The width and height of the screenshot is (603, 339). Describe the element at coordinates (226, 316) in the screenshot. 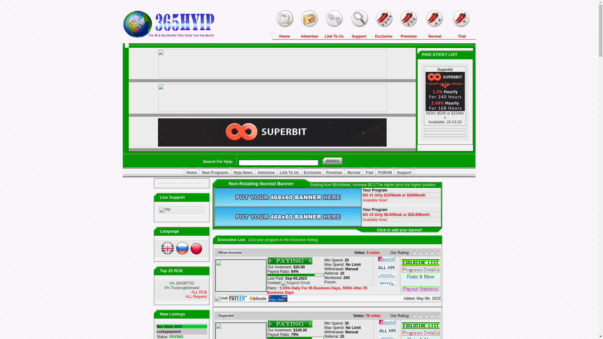

I see `'Superbit'` at that location.